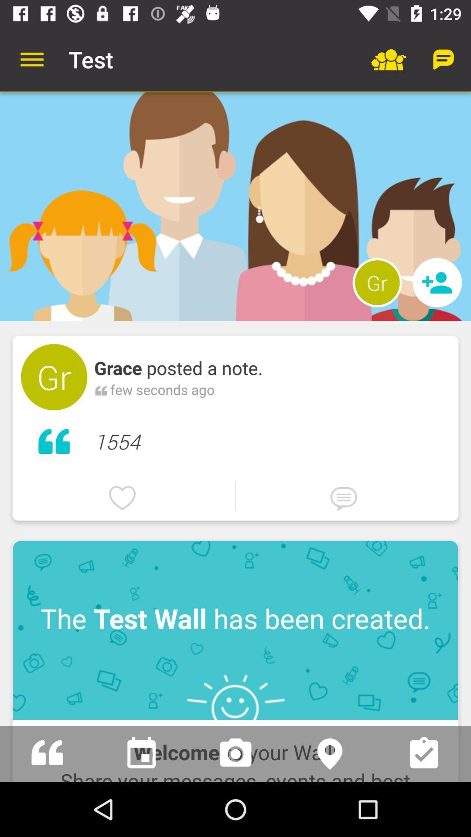  I want to click on the icon below the 1554 icon, so click(235, 496).